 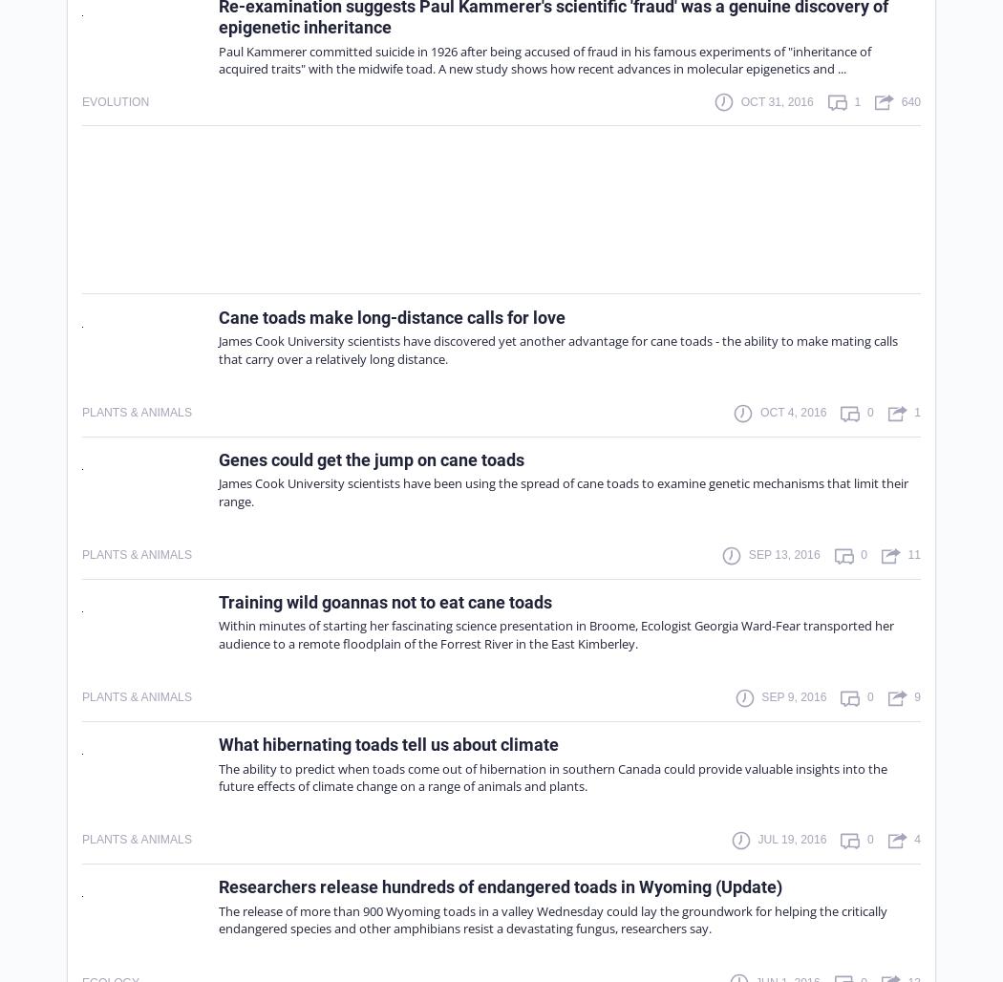 What do you see at coordinates (219, 744) in the screenshot?
I see `'What hibernating toads tell us about climate'` at bounding box center [219, 744].